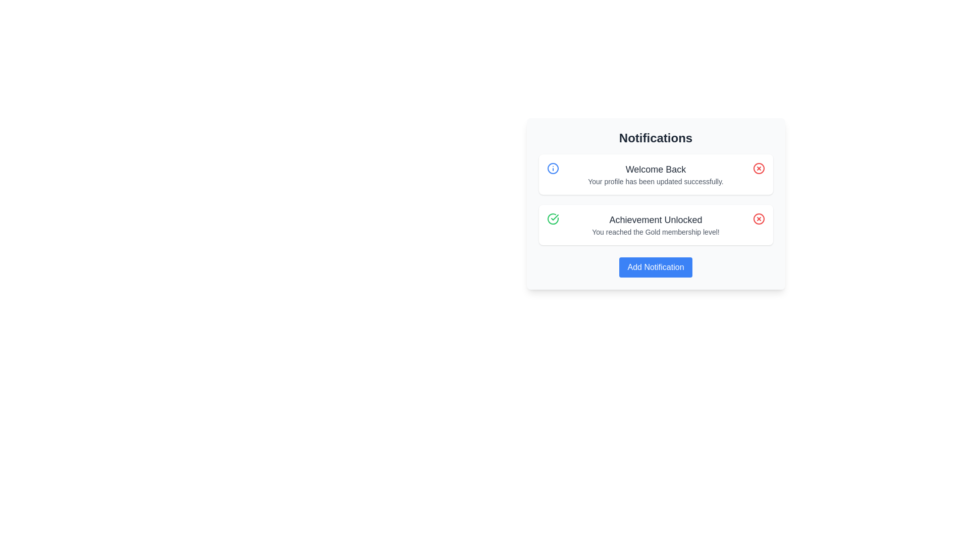  Describe the element at coordinates (656, 138) in the screenshot. I see `the text label that serves as the title for the notifications section, positioned at the top of the notification box` at that location.